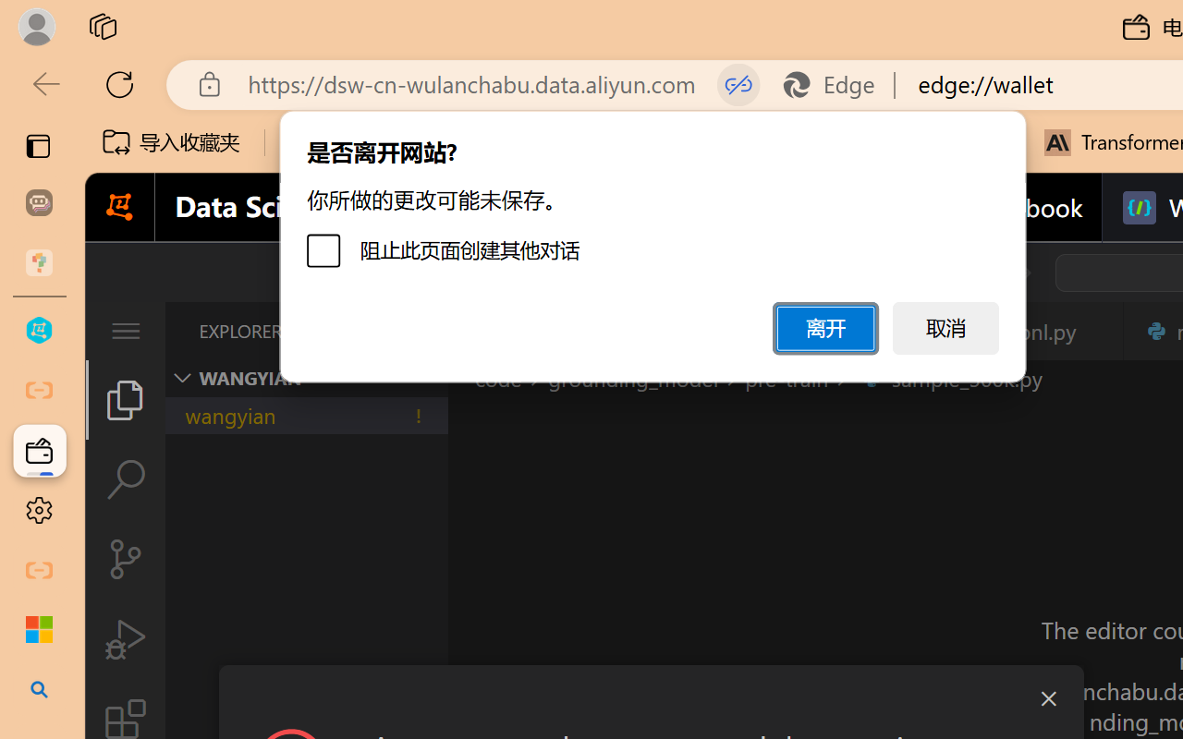  Describe the element at coordinates (1048, 698) in the screenshot. I see `'Close Dialog'` at that location.